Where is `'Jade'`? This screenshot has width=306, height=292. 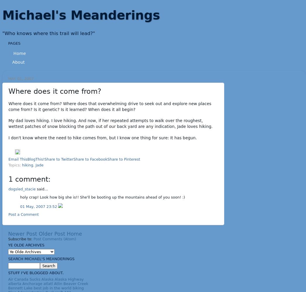 'Jade' is located at coordinates (39, 164).